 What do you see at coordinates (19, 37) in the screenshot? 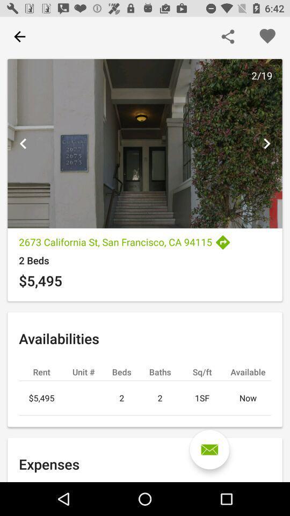
I see `back to the previous page` at bounding box center [19, 37].